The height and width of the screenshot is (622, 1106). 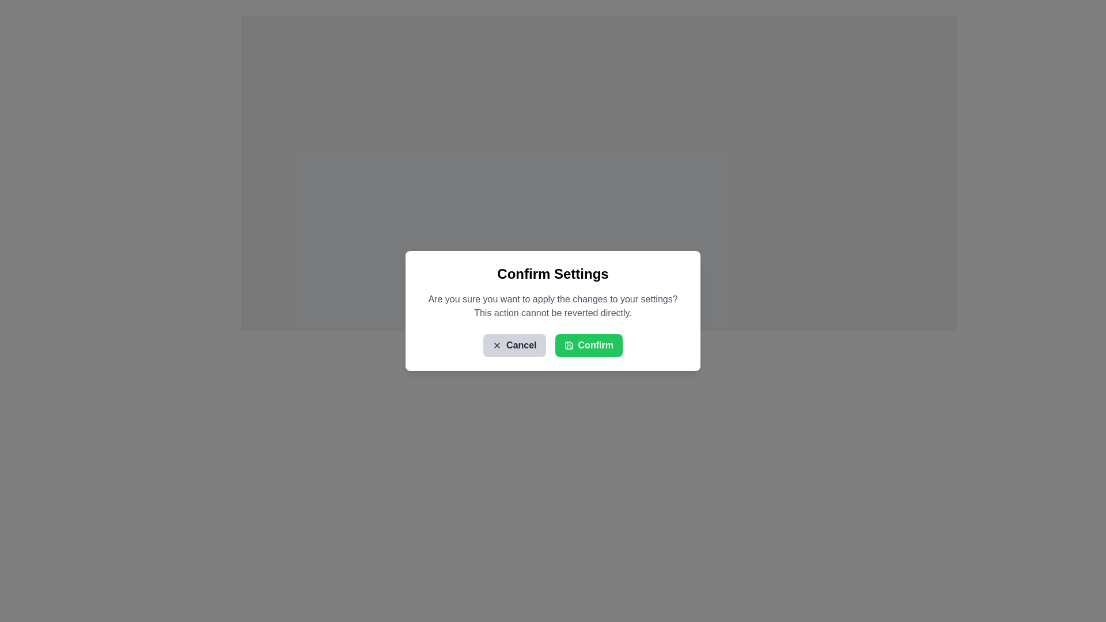 What do you see at coordinates (569, 345) in the screenshot?
I see `the save icon shaped like an old-style floppy disk located within the confirmation modal on the right side of the modal, adjacent to the green 'Confirm' button` at bounding box center [569, 345].